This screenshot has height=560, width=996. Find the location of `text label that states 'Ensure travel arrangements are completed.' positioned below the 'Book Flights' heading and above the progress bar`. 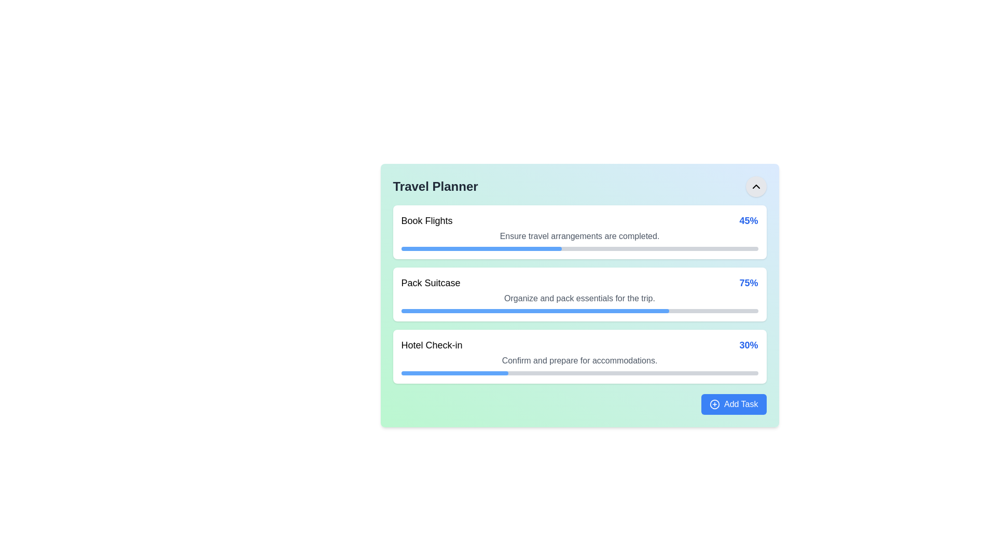

text label that states 'Ensure travel arrangements are completed.' positioned below the 'Book Flights' heading and above the progress bar is located at coordinates (579, 236).